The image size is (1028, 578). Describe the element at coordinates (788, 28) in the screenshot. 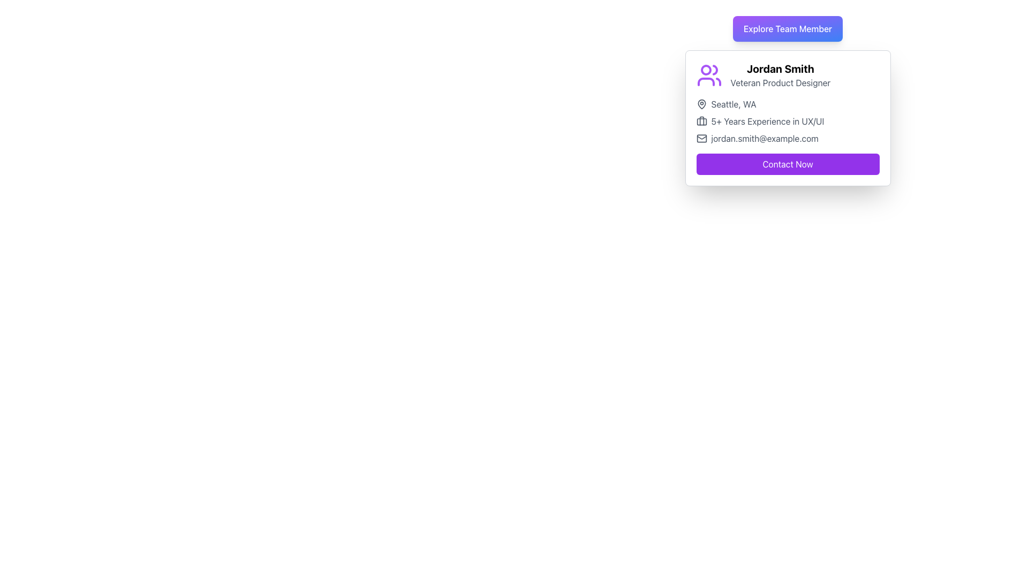

I see `the rectangular button with a gradient background that reads 'Explore Team Member' to activate its hover effect` at that location.